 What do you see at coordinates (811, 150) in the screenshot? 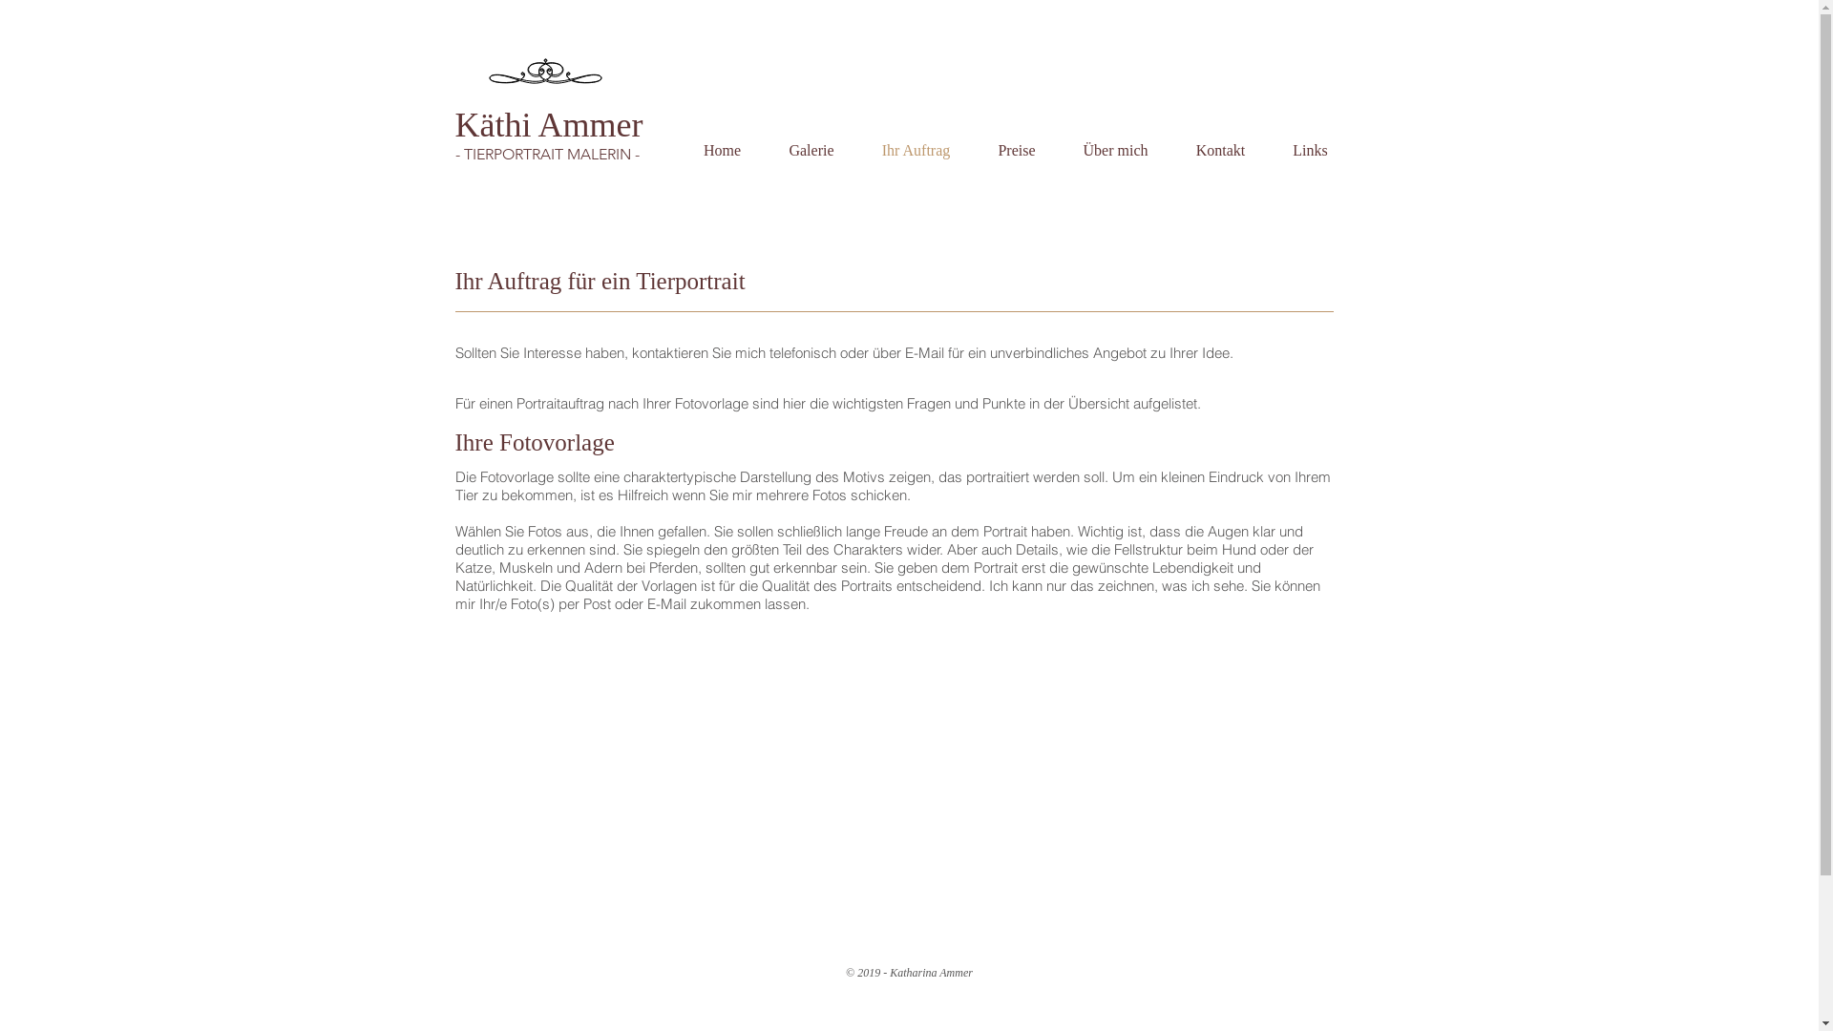
I see `'Galerie'` at bounding box center [811, 150].